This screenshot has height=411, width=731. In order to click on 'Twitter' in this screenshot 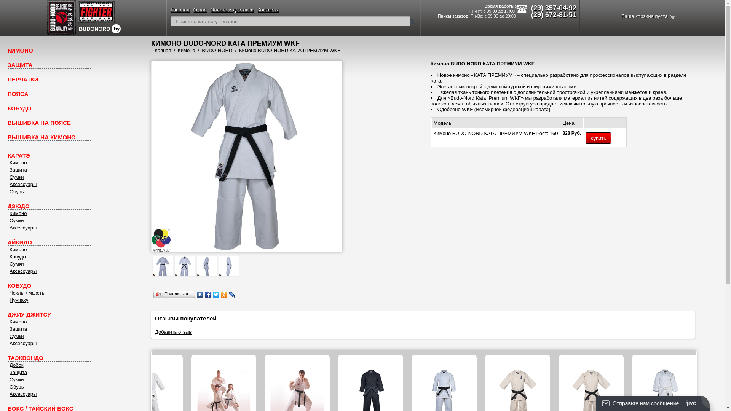, I will do `click(215, 294)`.